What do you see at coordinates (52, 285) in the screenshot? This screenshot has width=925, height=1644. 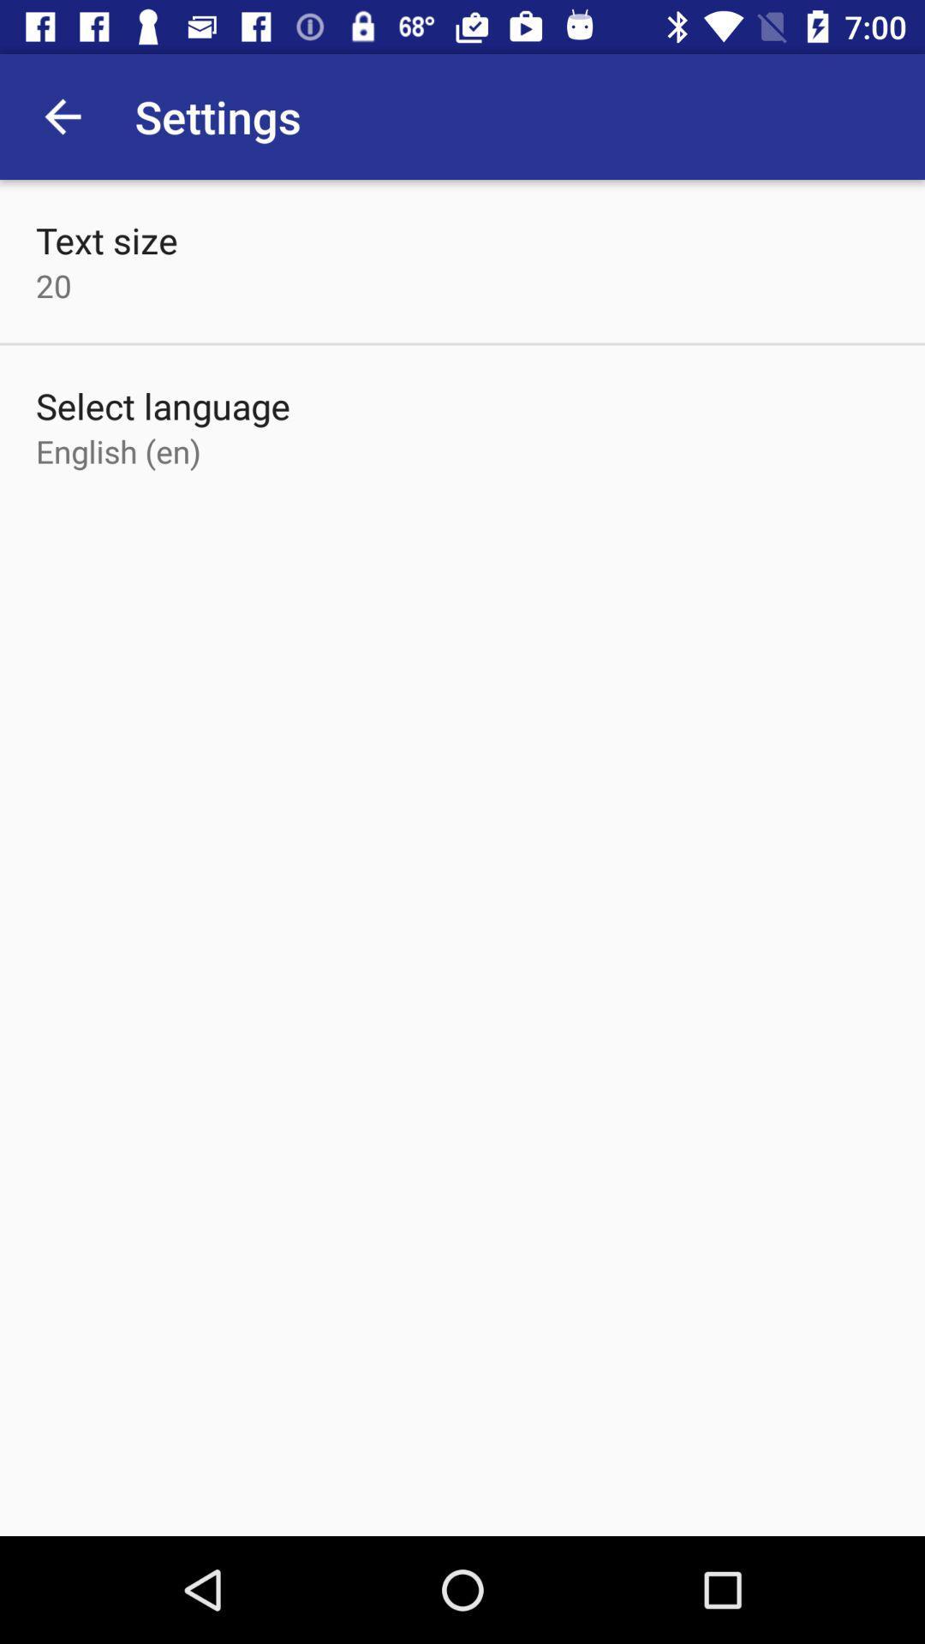 I see `the 20` at bounding box center [52, 285].